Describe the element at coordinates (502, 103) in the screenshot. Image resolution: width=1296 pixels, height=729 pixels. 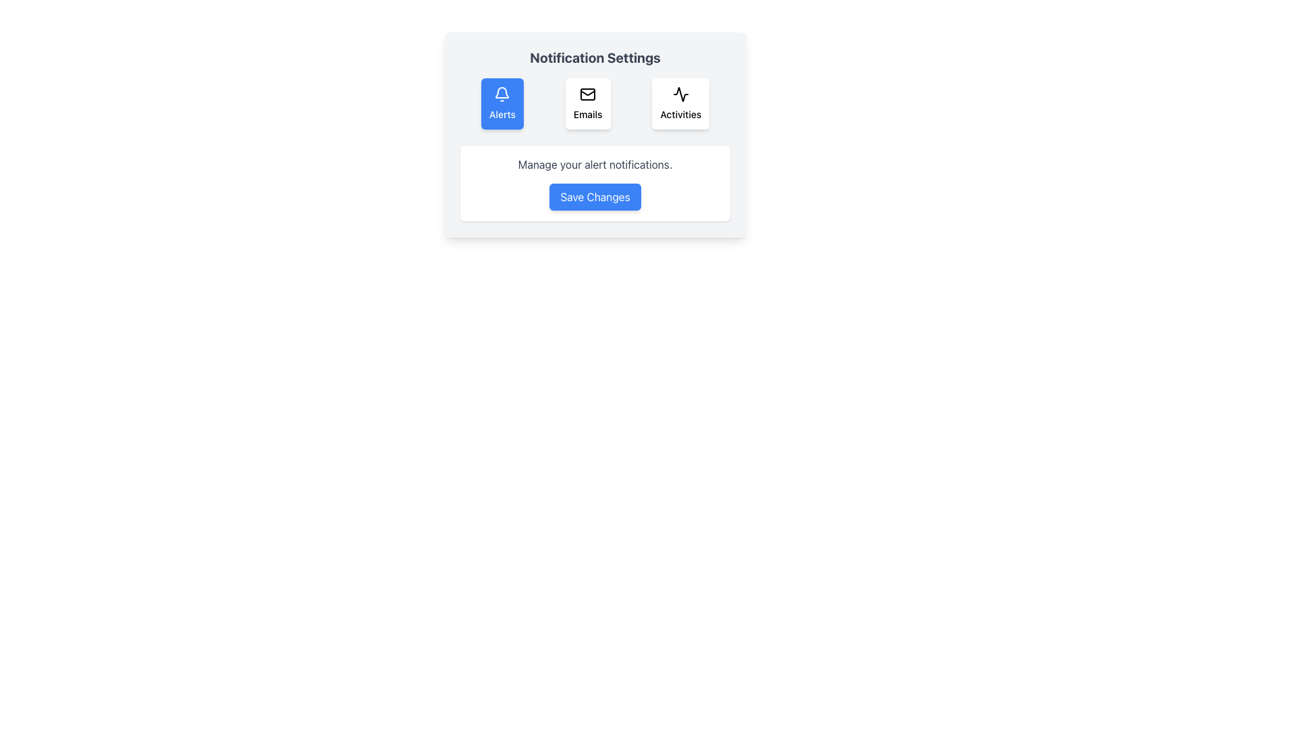
I see `the leftmost button under 'Notification Settings'` at that location.